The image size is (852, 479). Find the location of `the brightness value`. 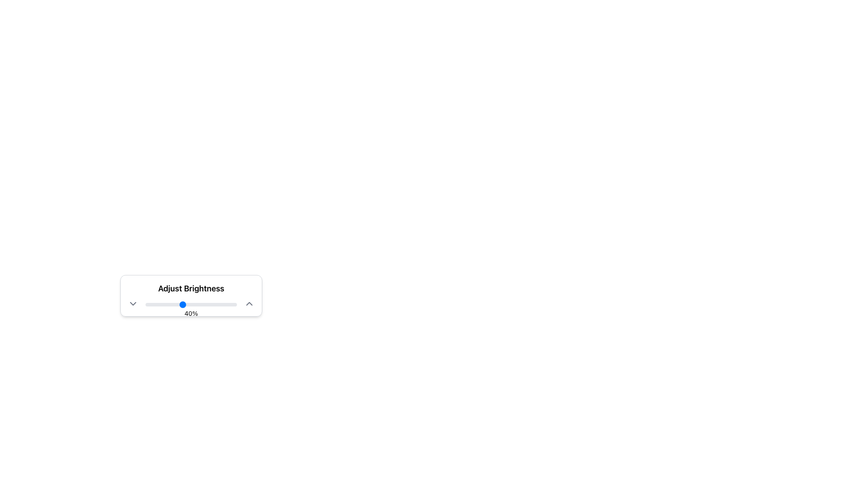

the brightness value is located at coordinates (174, 304).